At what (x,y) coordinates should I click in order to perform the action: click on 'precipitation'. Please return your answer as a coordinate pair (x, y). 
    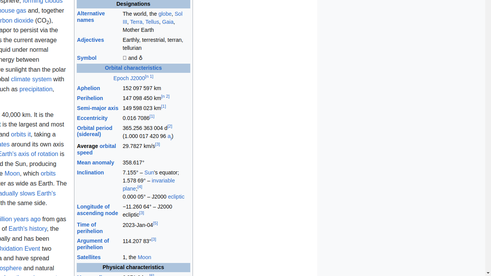
    Looking at the image, I should click on (35, 88).